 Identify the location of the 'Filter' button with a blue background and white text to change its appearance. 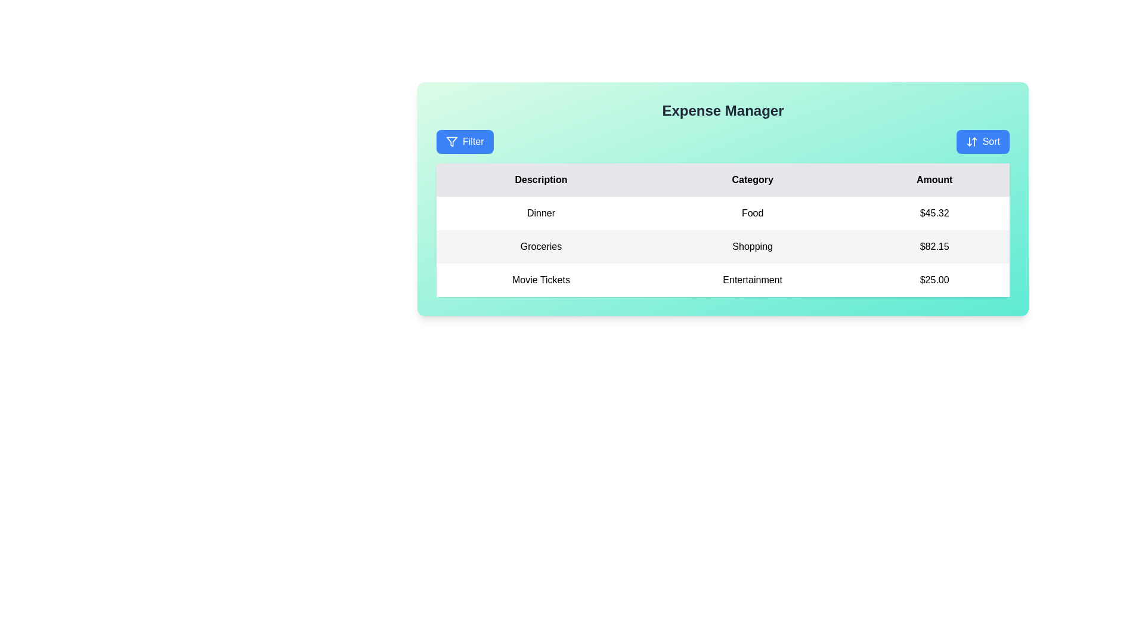
(464, 141).